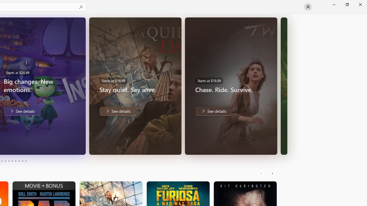  What do you see at coordinates (22, 161) in the screenshot?
I see `'Page 9'` at bounding box center [22, 161].